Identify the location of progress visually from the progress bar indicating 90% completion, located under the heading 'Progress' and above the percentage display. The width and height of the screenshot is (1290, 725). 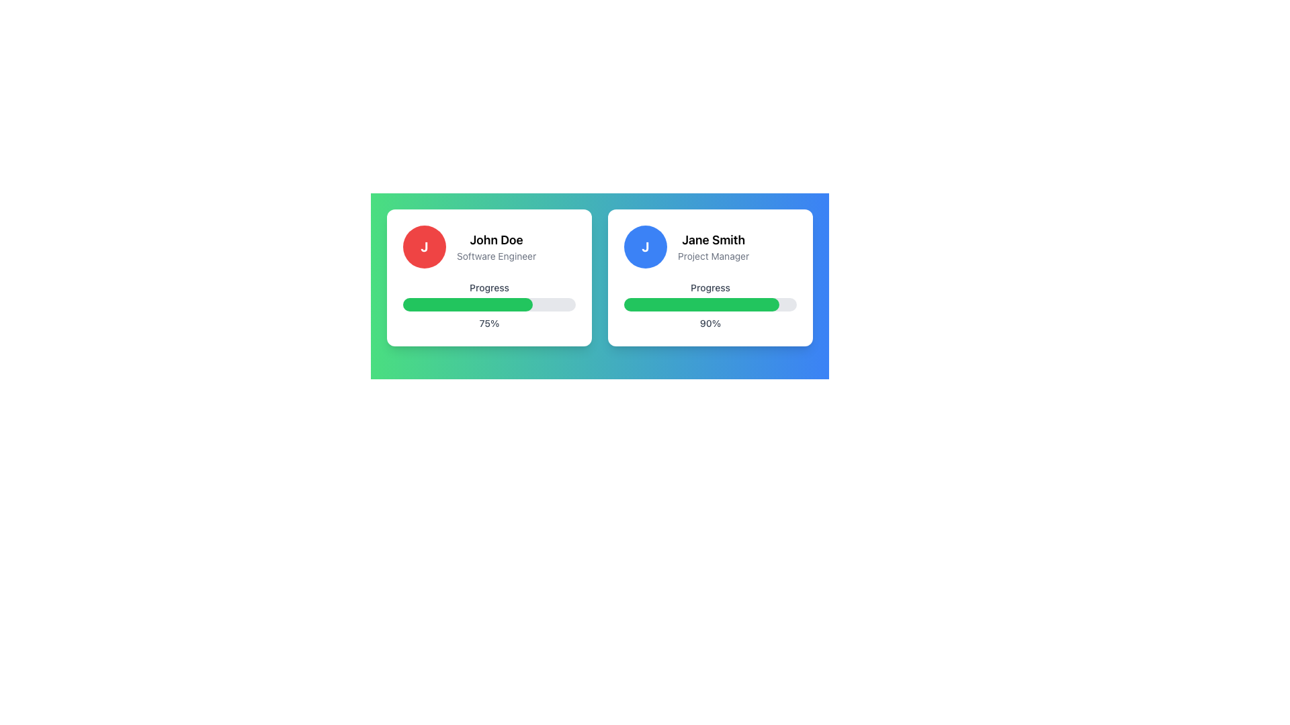
(709, 305).